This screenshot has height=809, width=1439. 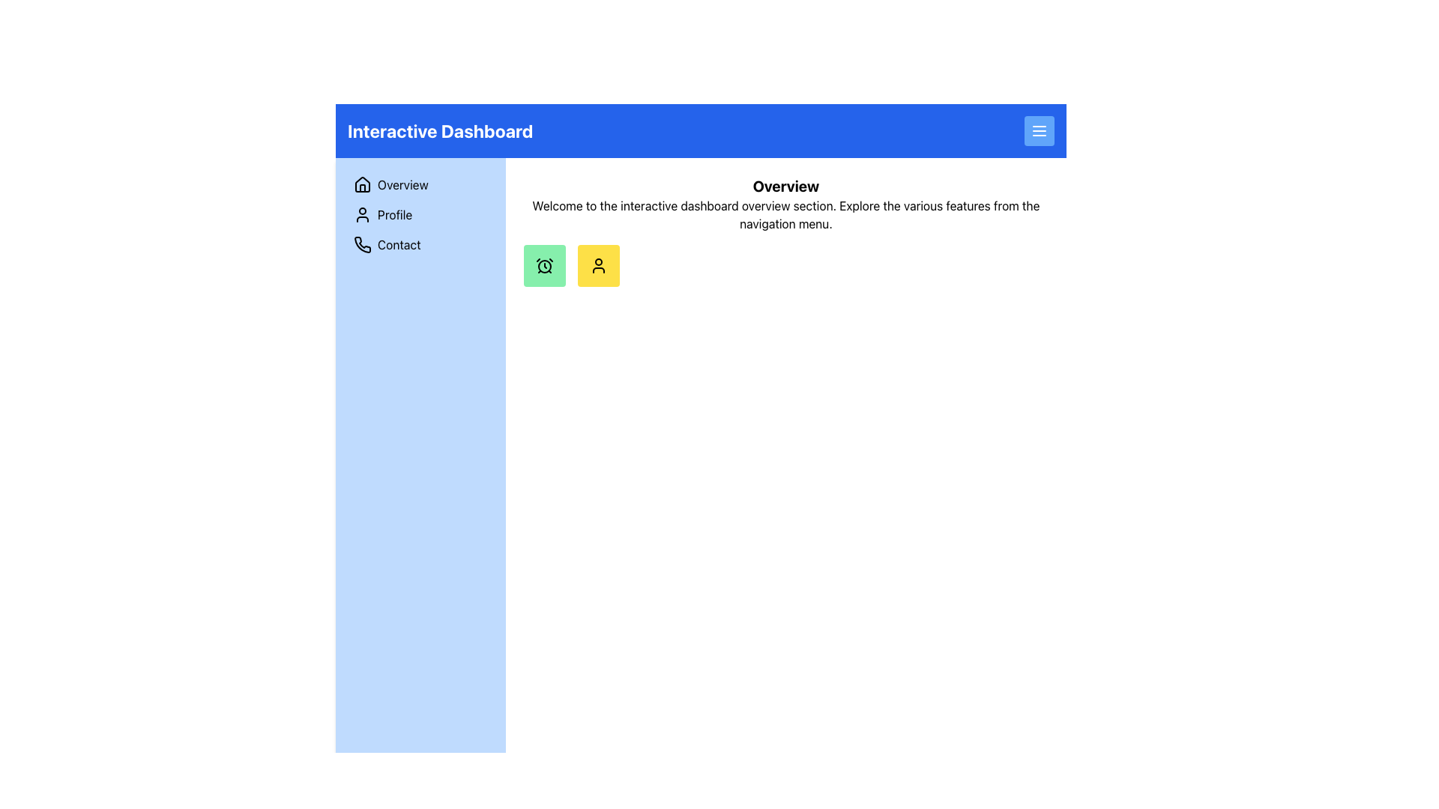 What do you see at coordinates (543, 264) in the screenshot?
I see `the alarm clock icon located within a green square on the left of two adjacent square buttons` at bounding box center [543, 264].